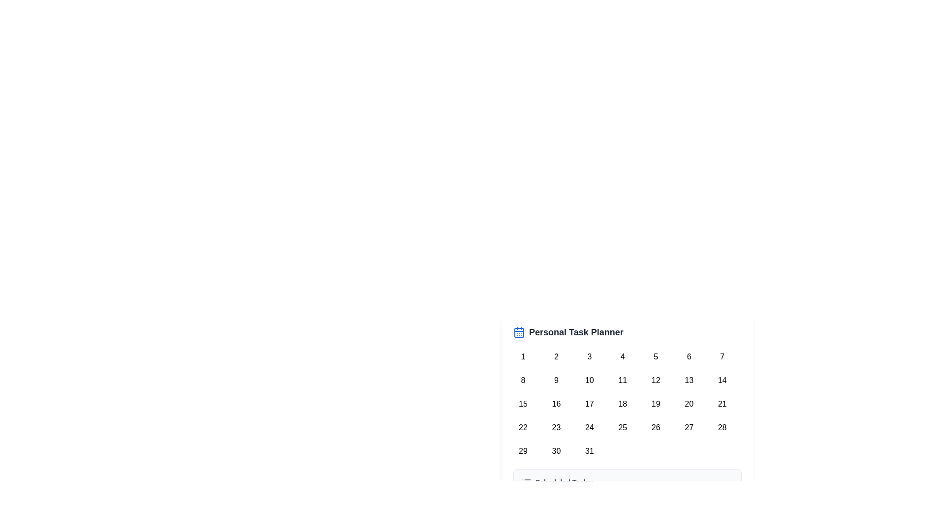 The height and width of the screenshot is (531, 945). Describe the element at coordinates (722, 404) in the screenshot. I see `the calendar day button for the 21st of the month` at that location.